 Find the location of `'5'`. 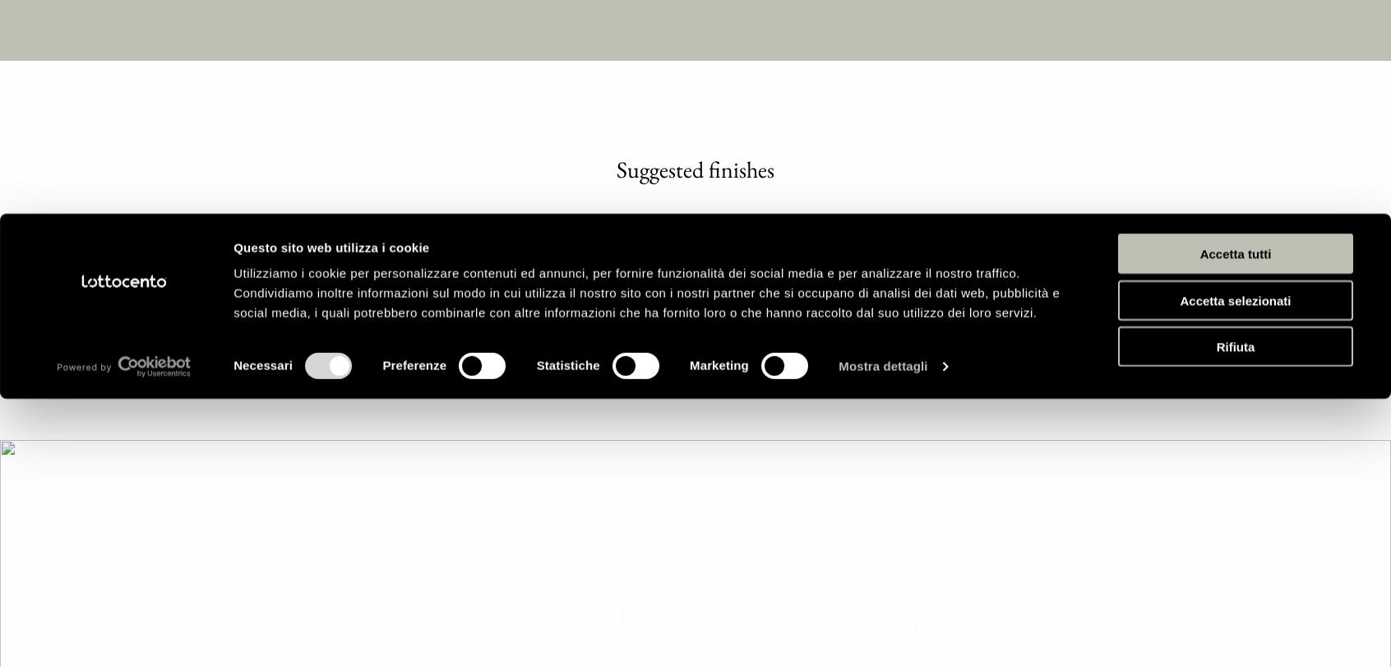

'5' is located at coordinates (707, 269).